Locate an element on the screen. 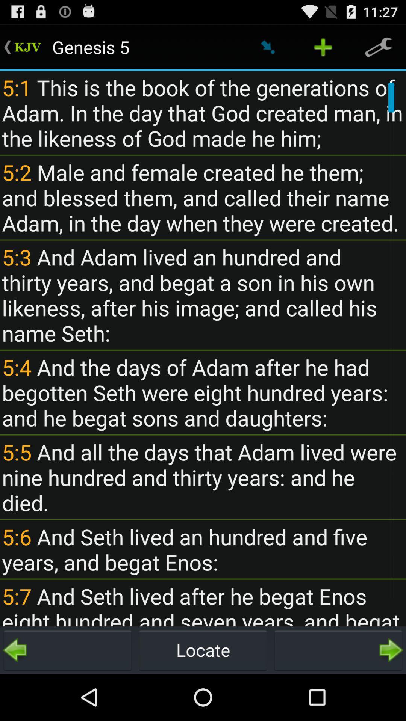 Image resolution: width=406 pixels, height=721 pixels. next page is located at coordinates (338, 650).